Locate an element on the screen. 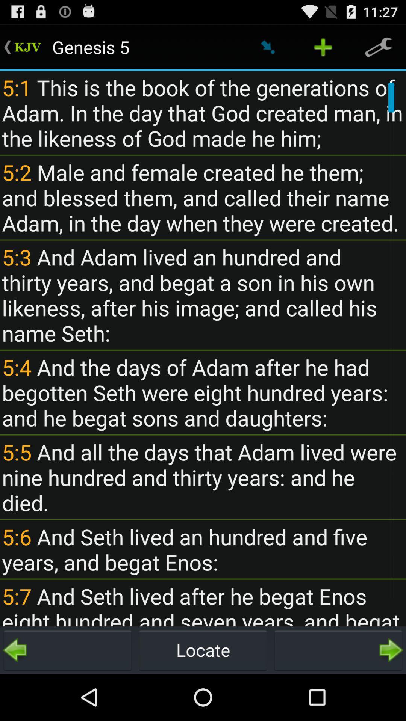 Image resolution: width=406 pixels, height=721 pixels. next page is located at coordinates (338, 650).